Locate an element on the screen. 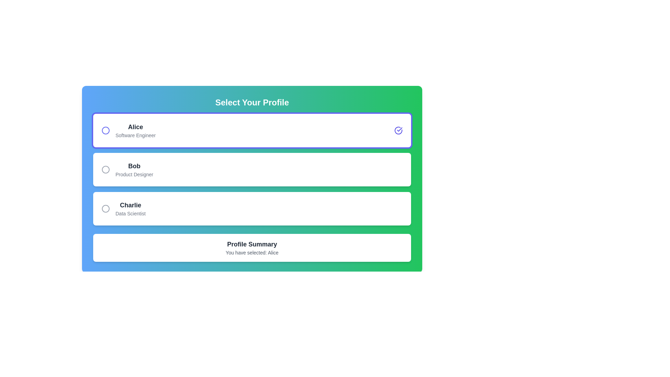 The width and height of the screenshot is (670, 377). the text label displaying 'Data Scientist', which is styled in a small, light gray font and located beneath the label 'Charlie' within a profile card is located at coordinates (131, 213).